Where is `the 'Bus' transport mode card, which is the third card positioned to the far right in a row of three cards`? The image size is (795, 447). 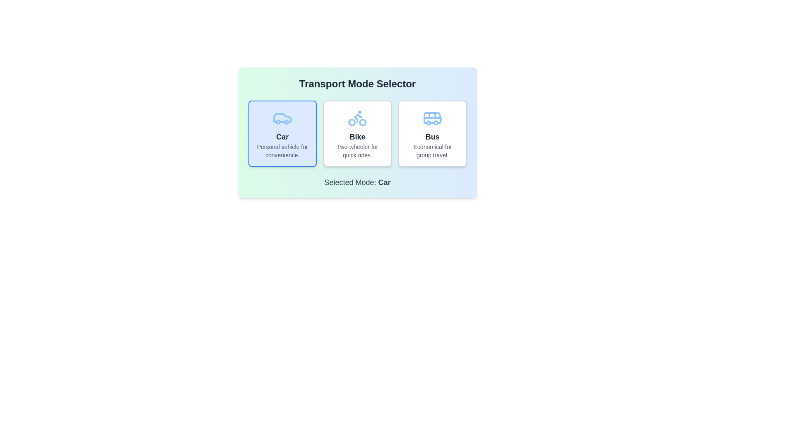
the 'Bus' transport mode card, which is the third card positioned to the far right in a row of three cards is located at coordinates (432, 133).